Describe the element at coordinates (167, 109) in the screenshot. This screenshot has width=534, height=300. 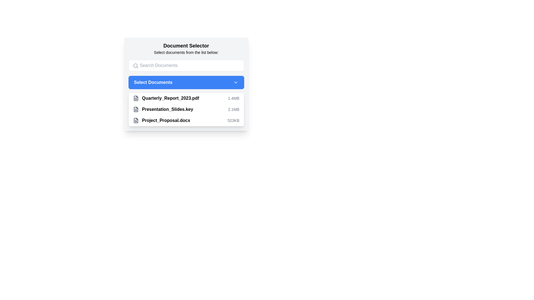
I see `the text label displaying 'Presentation_Slides.key' in bold black font, located in the second row of the document selection interface next to the file icon` at that location.